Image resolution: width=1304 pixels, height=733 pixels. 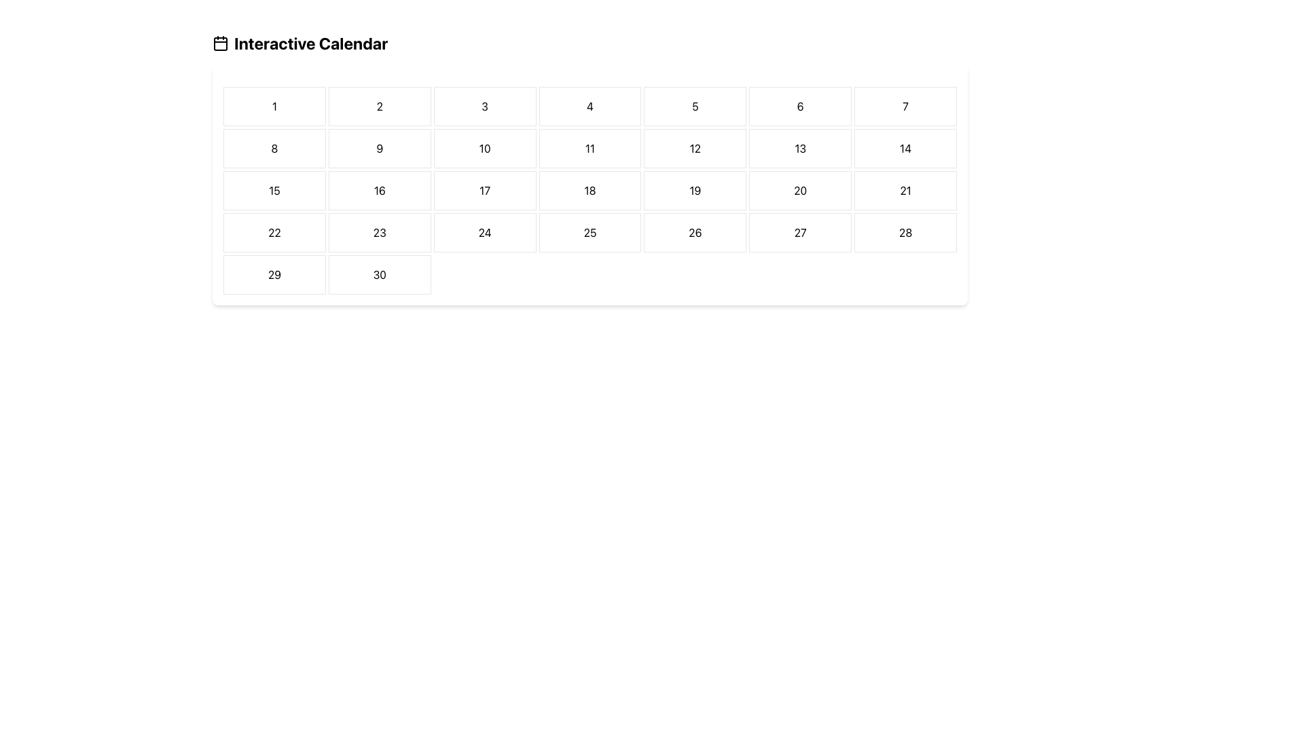 I want to click on the grid item representing the number '8' located in the second row and first column of the calendar interface, so click(x=274, y=149).